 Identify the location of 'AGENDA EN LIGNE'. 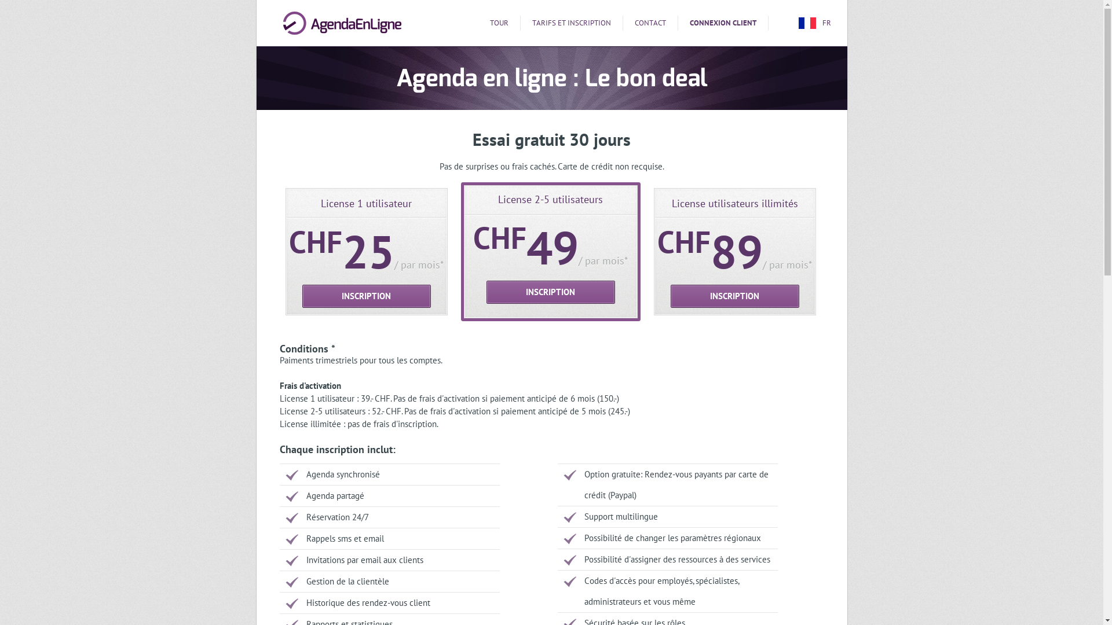
(341, 23).